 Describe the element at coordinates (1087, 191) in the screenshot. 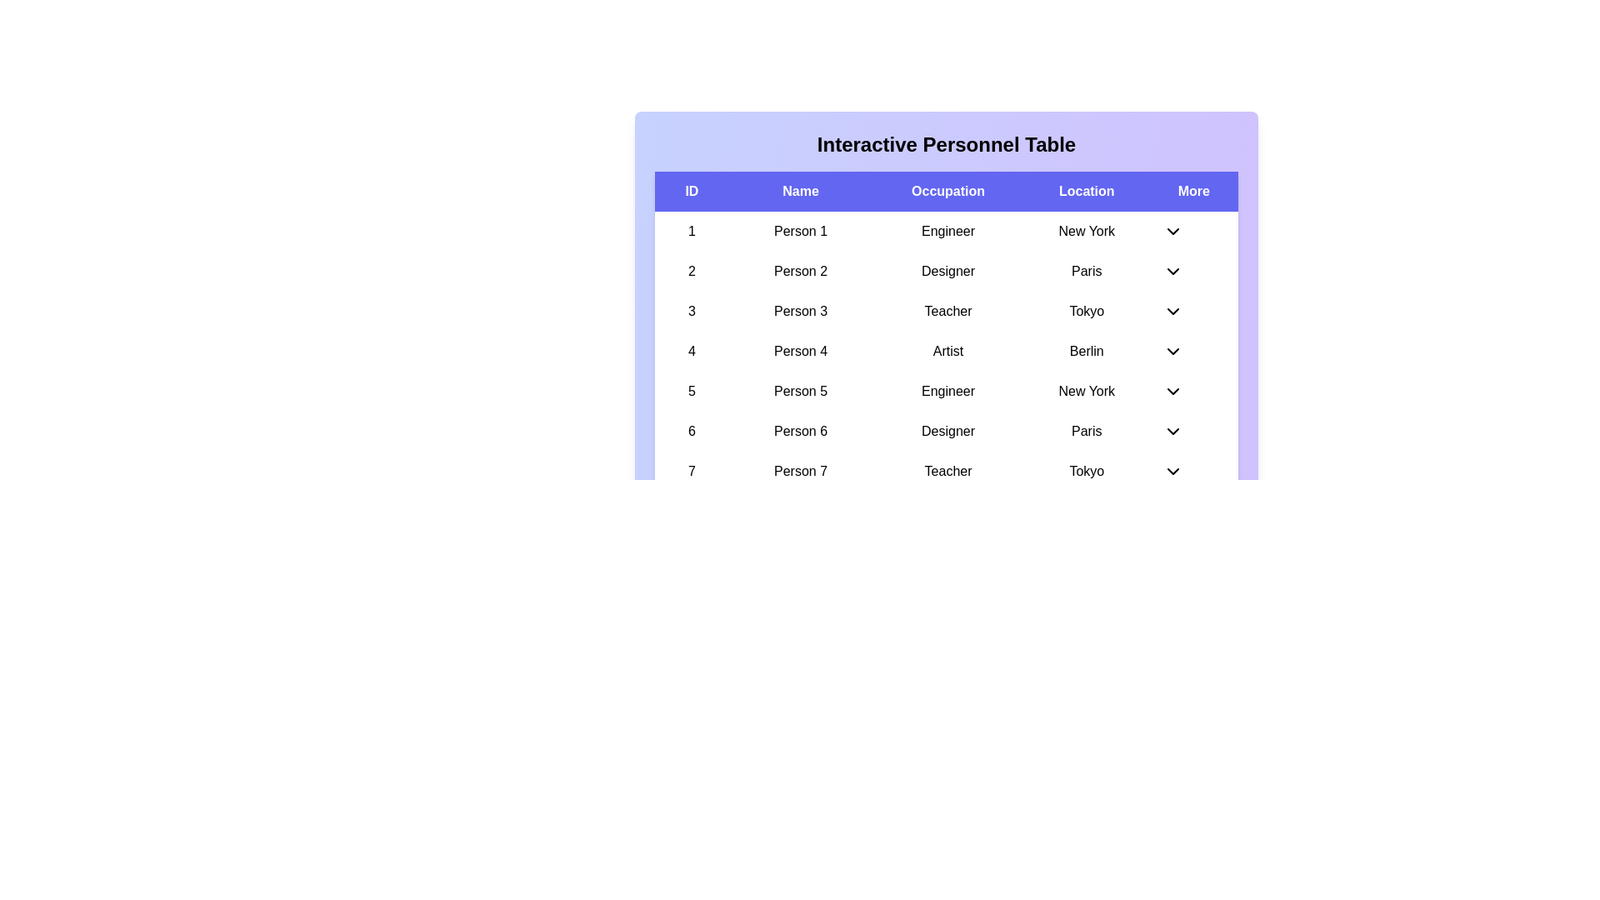

I see `the column header Location to sort the table by that column` at that location.